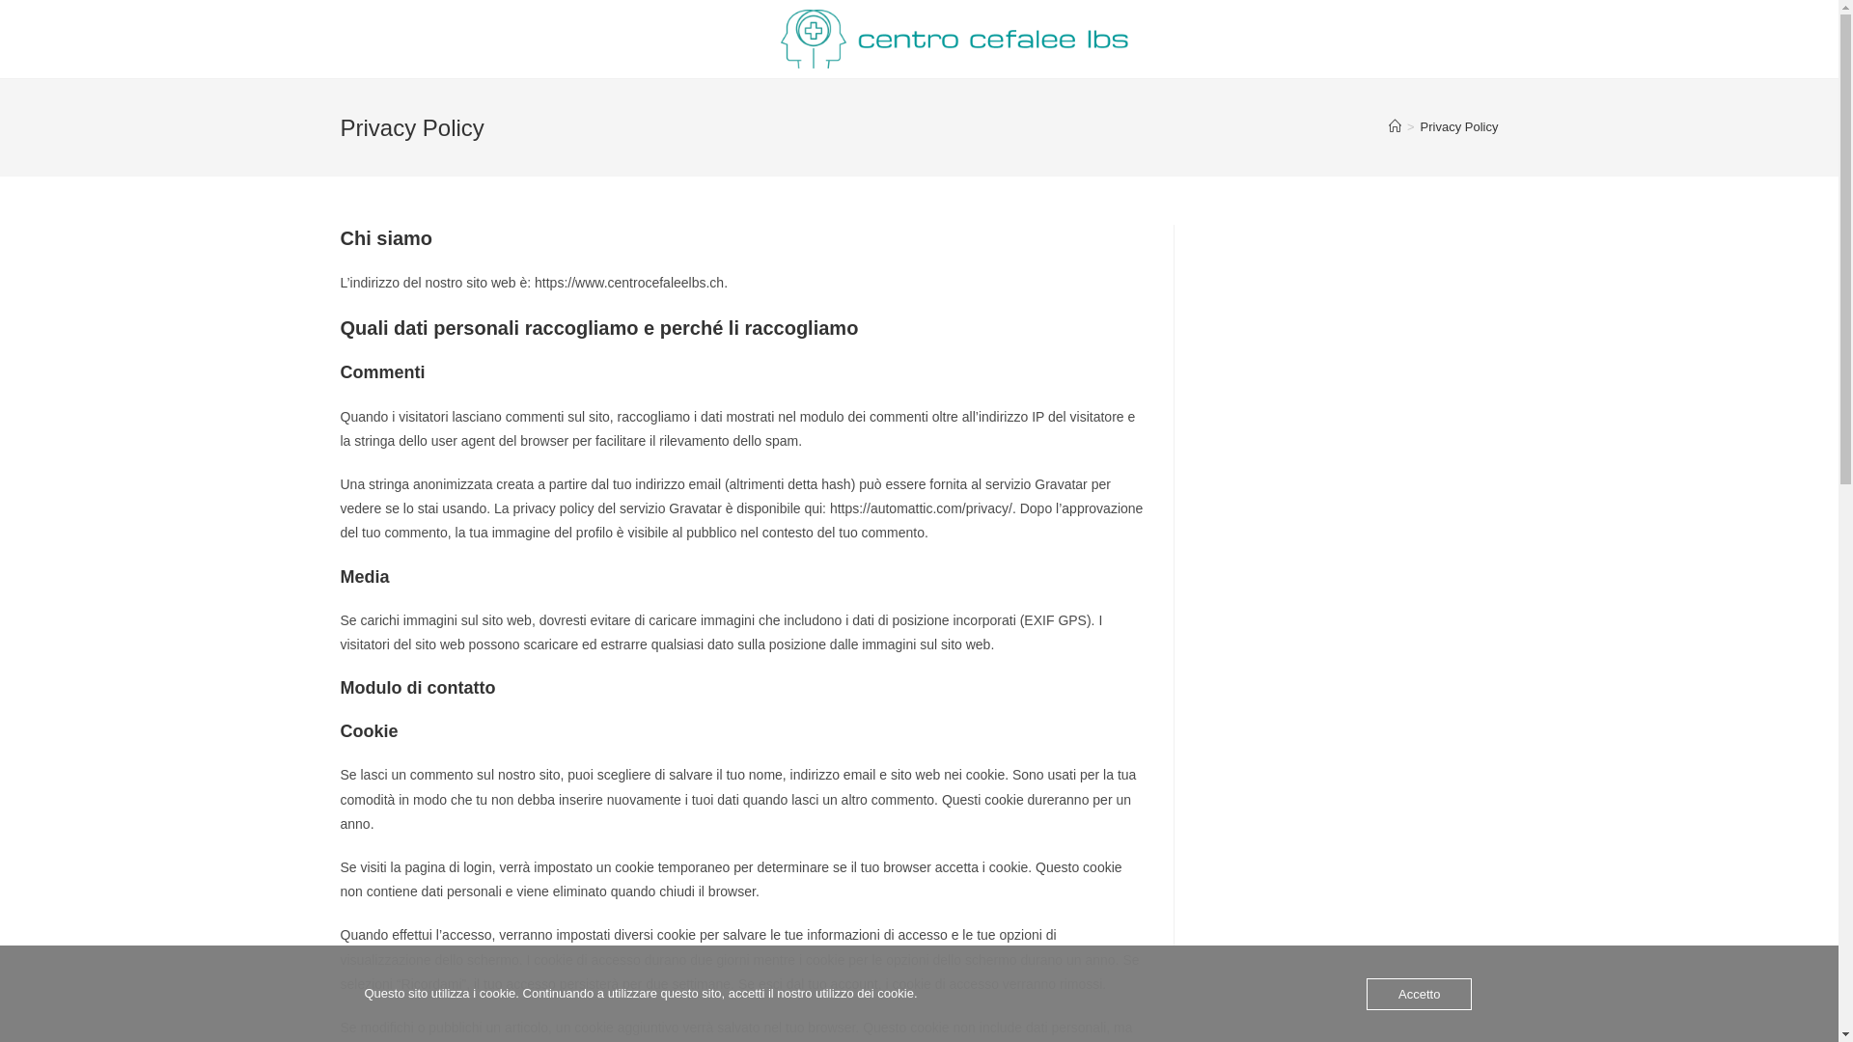 This screenshot has width=1853, height=1042. I want to click on 'Privacy Policy', so click(1421, 126).